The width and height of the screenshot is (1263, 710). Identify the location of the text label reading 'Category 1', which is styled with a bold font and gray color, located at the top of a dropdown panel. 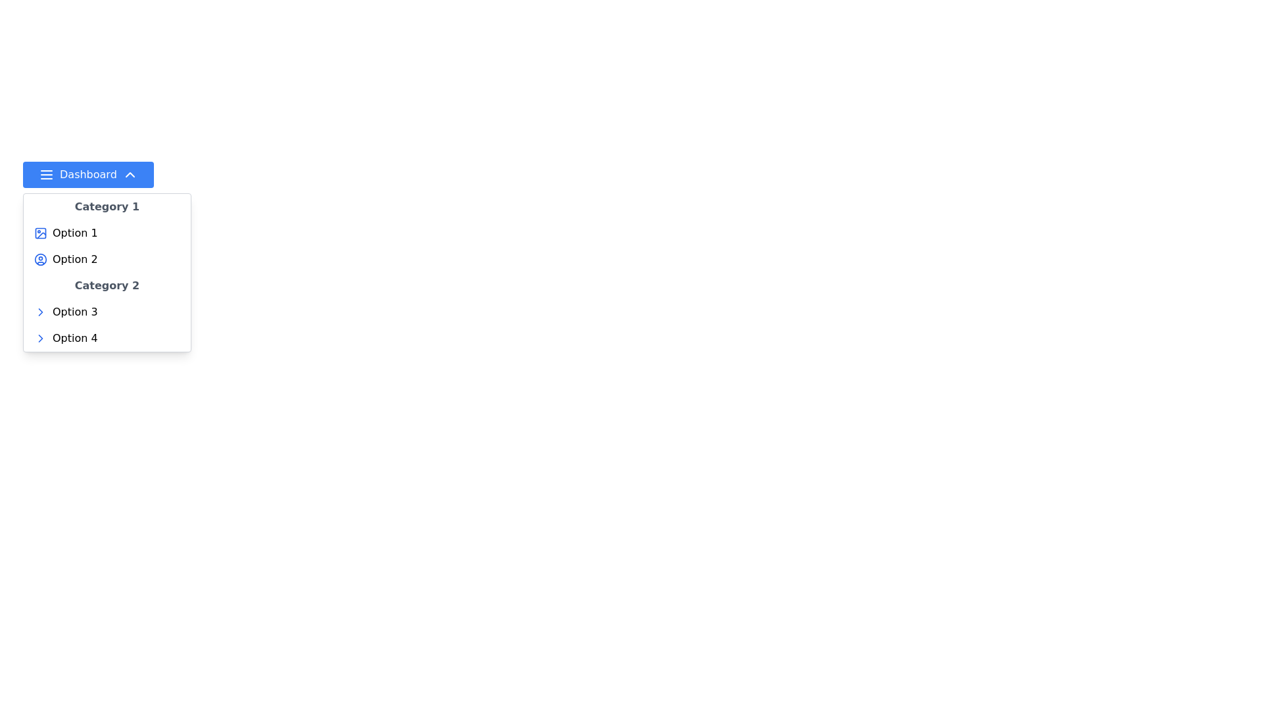
(107, 207).